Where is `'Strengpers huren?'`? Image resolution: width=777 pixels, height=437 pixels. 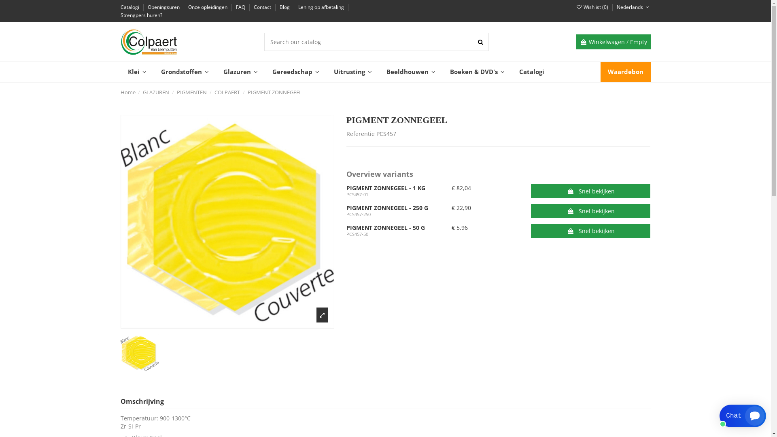
'Strengpers huren?' is located at coordinates (141, 15).